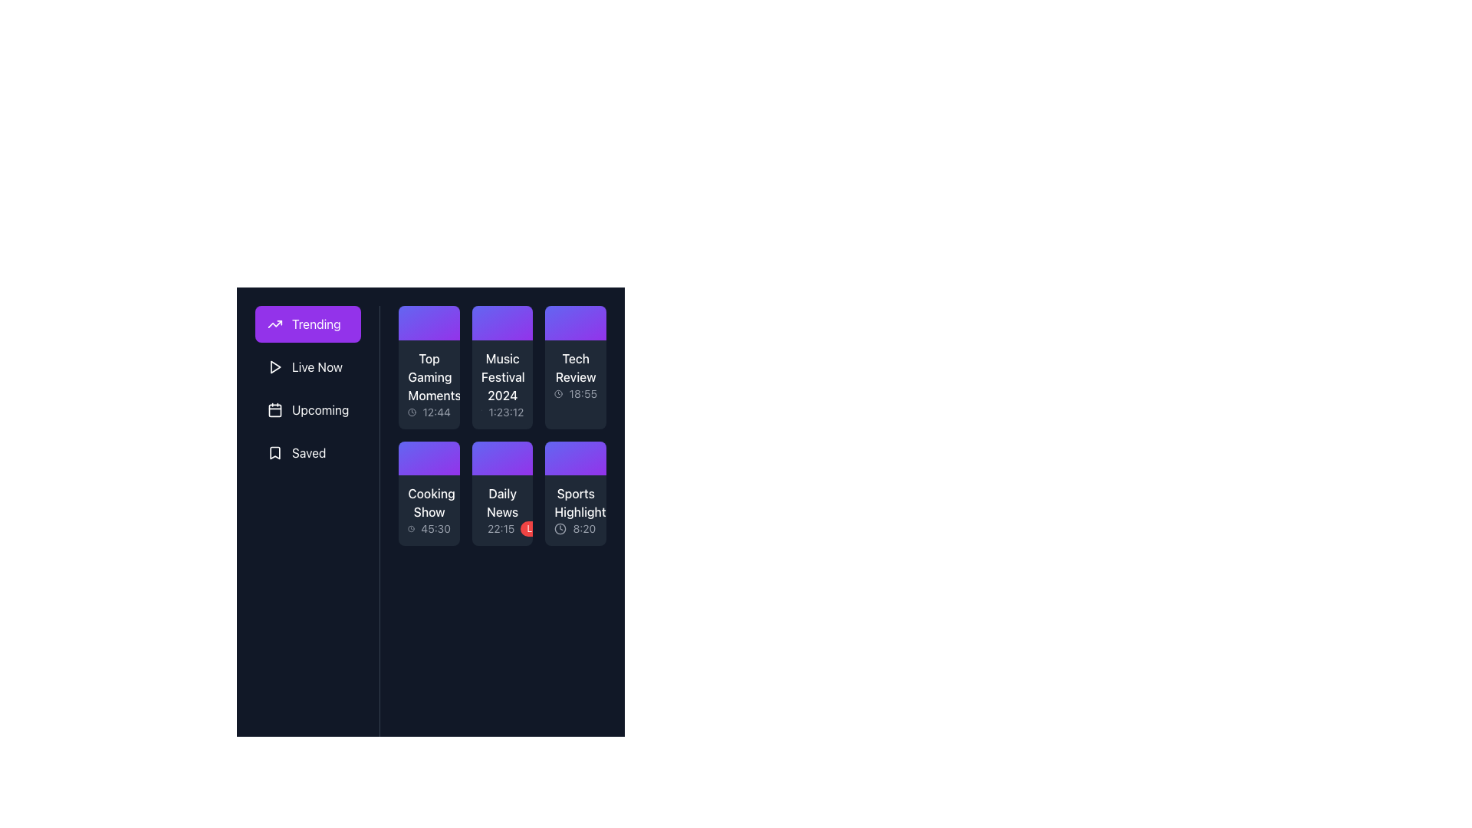 The height and width of the screenshot is (828, 1472). What do you see at coordinates (411, 528) in the screenshot?
I see `the small circular clock icon associated with the 'Cooking Show' time display segment, which is located on the left side of the '45:30' display` at bounding box center [411, 528].